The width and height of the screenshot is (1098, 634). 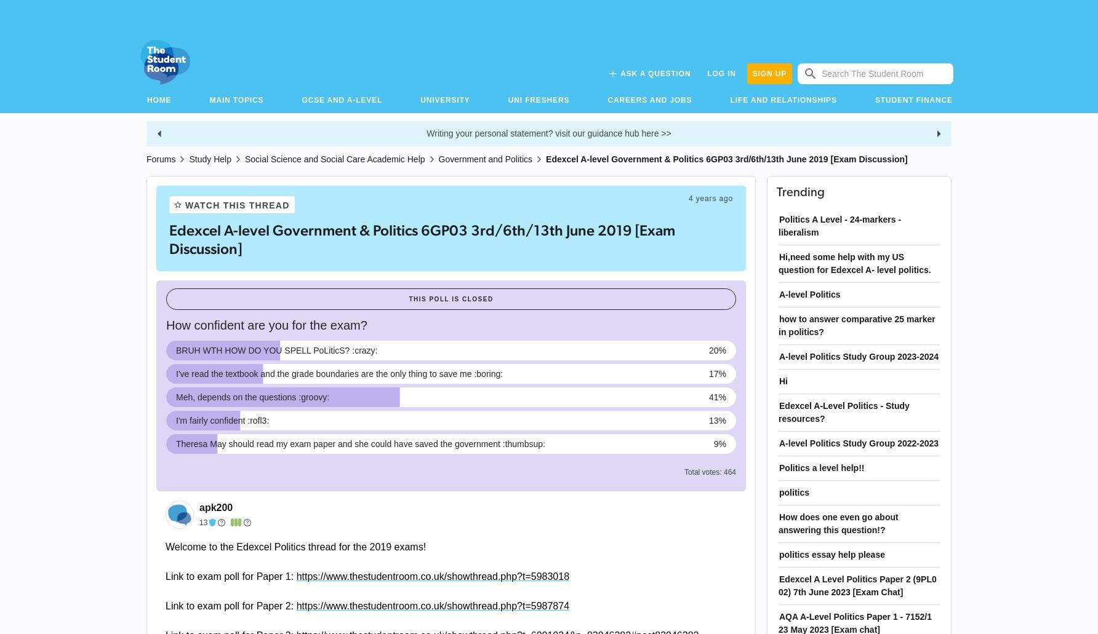 What do you see at coordinates (433, 605) in the screenshot?
I see `'https://www.thestudentroom.co.uk/showthread.php?t=5987874'` at bounding box center [433, 605].